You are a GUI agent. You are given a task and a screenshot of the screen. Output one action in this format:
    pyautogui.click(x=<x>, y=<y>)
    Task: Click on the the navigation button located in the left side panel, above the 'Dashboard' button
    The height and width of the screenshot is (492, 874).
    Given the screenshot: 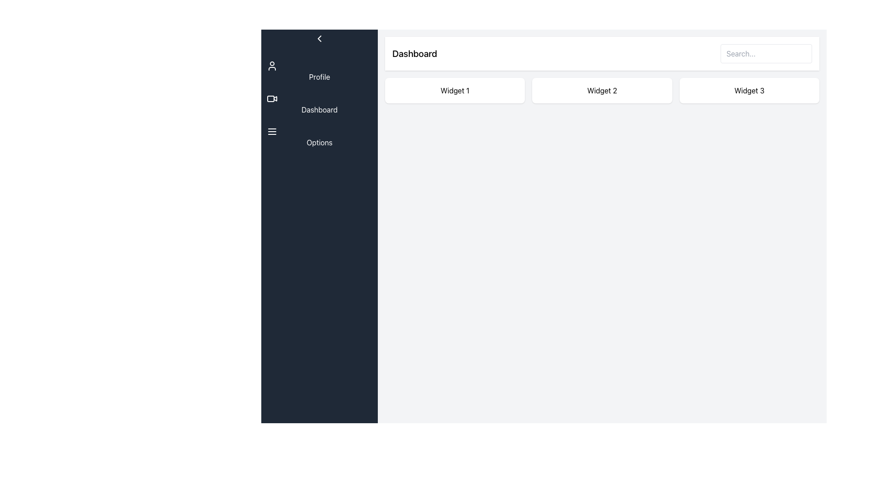 What is the action you would take?
    pyautogui.click(x=319, y=71)
    